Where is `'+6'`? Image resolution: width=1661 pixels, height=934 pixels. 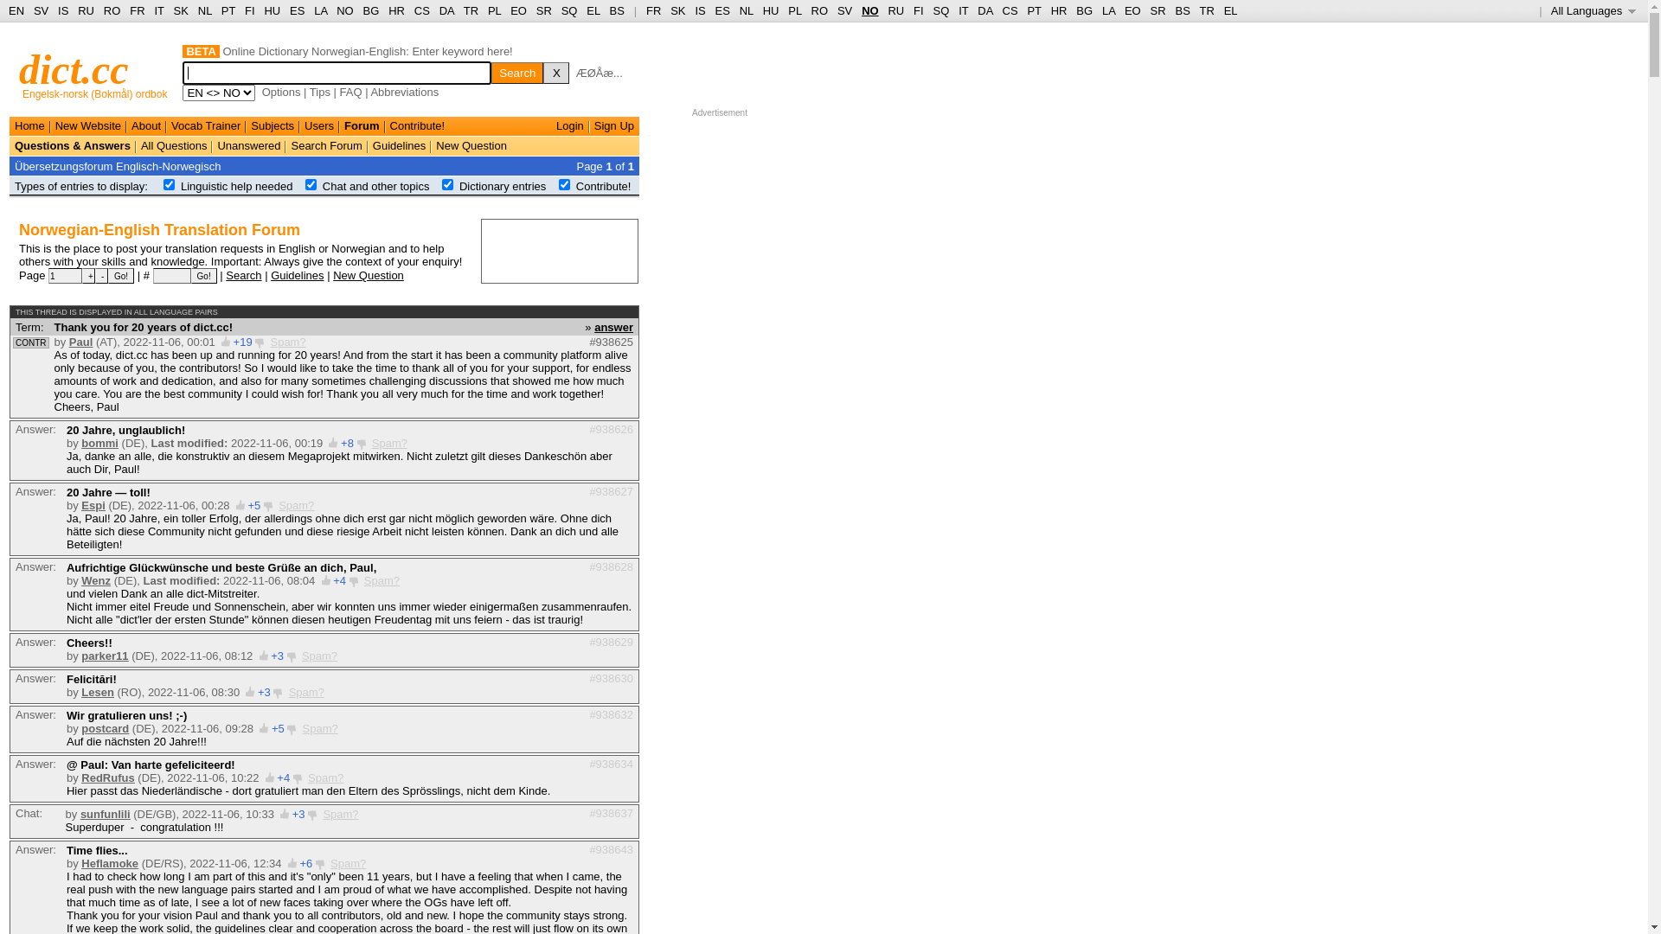 '+6' is located at coordinates (305, 863).